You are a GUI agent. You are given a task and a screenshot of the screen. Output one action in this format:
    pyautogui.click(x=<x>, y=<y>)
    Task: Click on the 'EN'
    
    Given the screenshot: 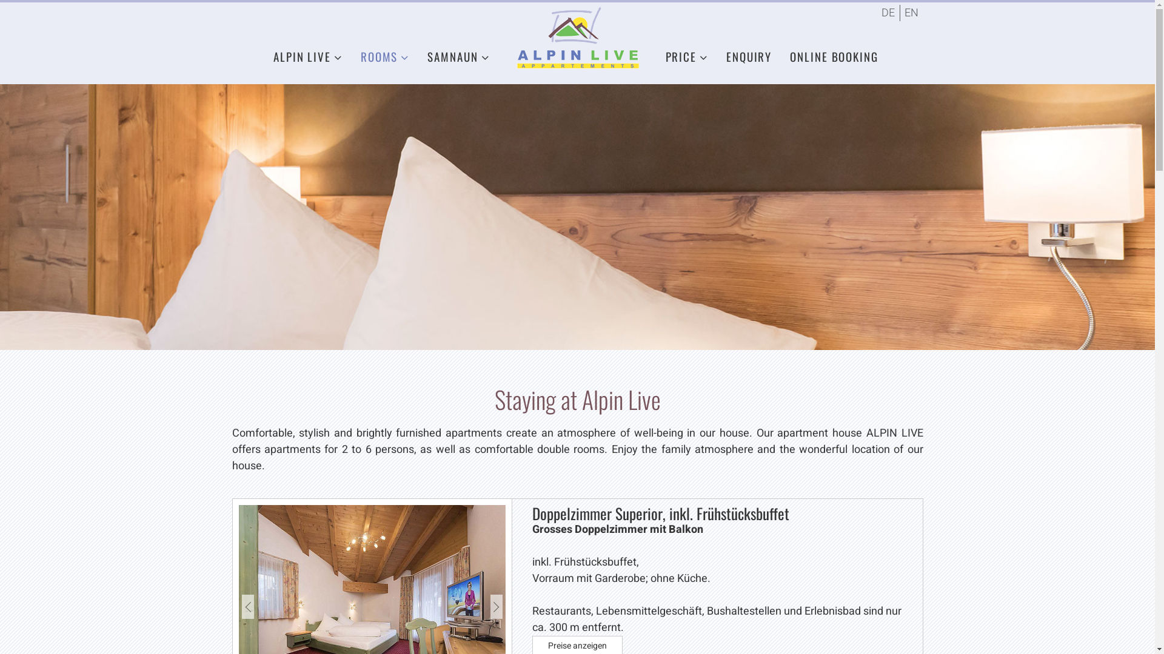 What is the action you would take?
    pyautogui.click(x=911, y=13)
    